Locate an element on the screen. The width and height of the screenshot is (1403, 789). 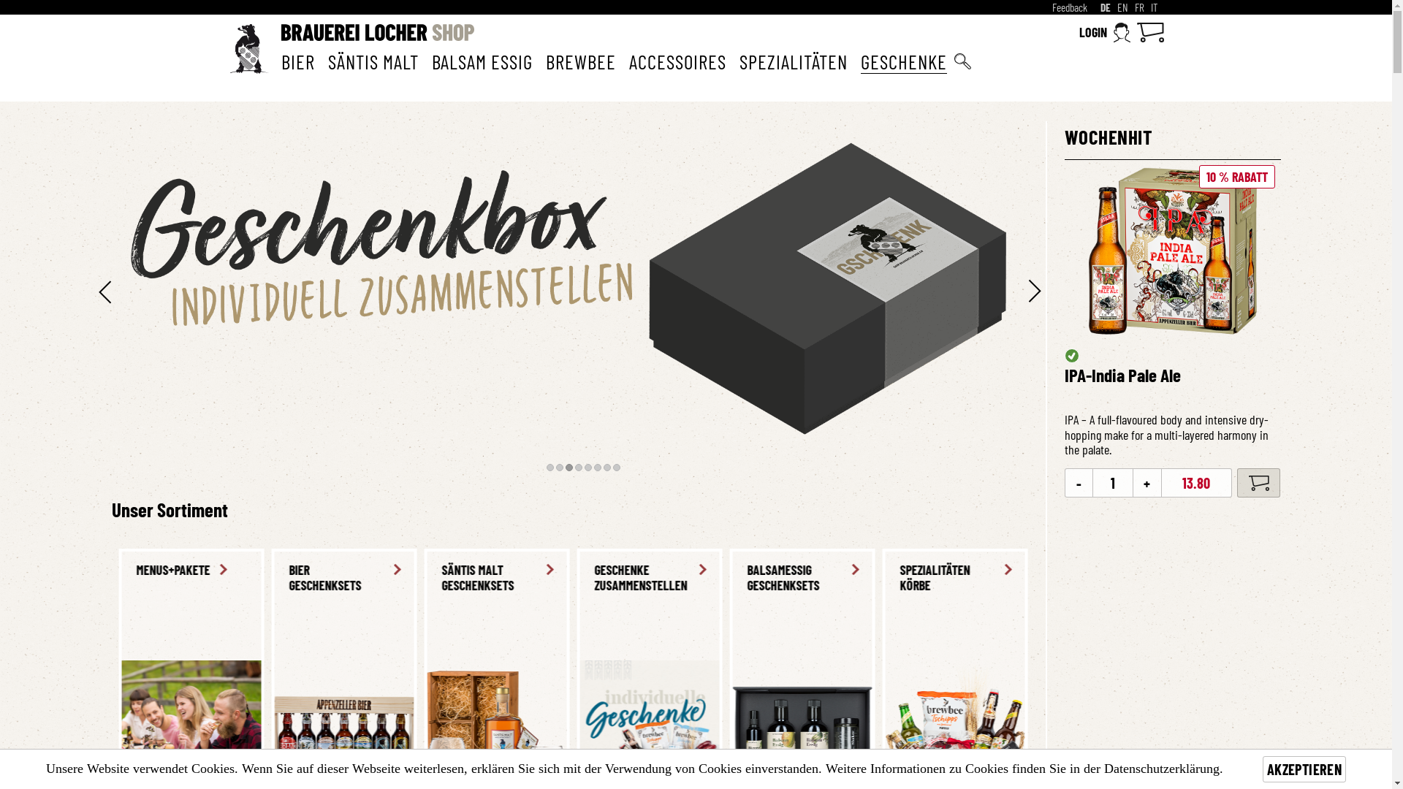
'BALSAM ESSIG' is located at coordinates (481, 61).